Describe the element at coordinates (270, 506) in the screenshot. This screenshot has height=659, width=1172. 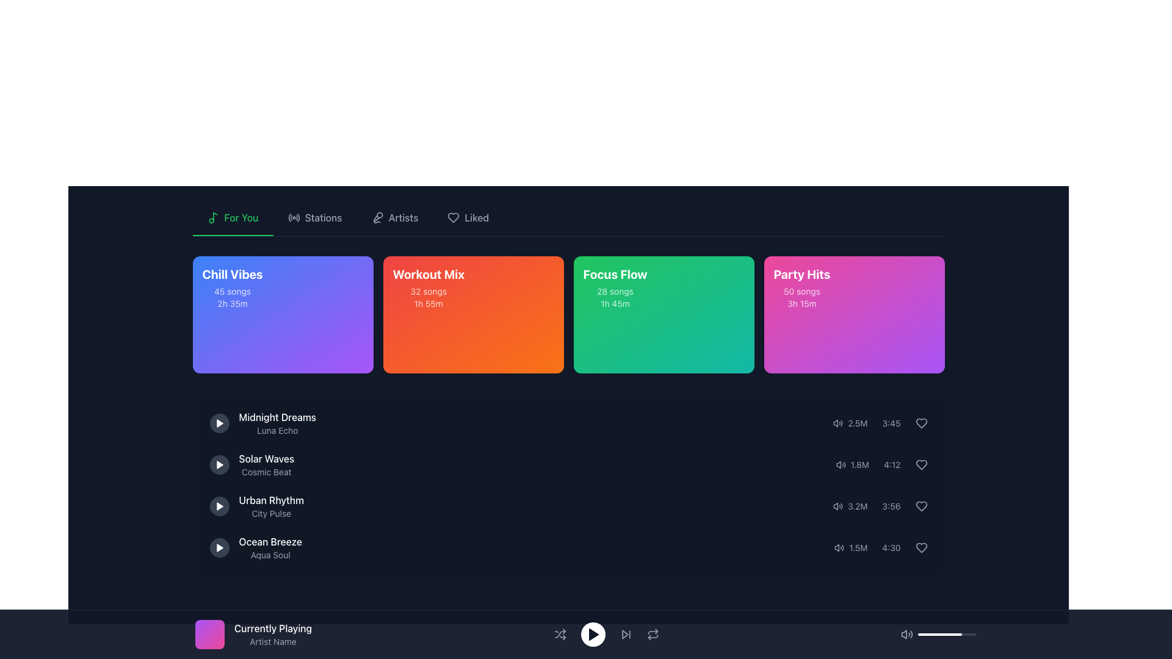
I see `the text display element that shows 'Urban Rhythm' in bold white font and 'City Pulse' in smaller gray font, which is the third item in the vertical list of song titles` at that location.